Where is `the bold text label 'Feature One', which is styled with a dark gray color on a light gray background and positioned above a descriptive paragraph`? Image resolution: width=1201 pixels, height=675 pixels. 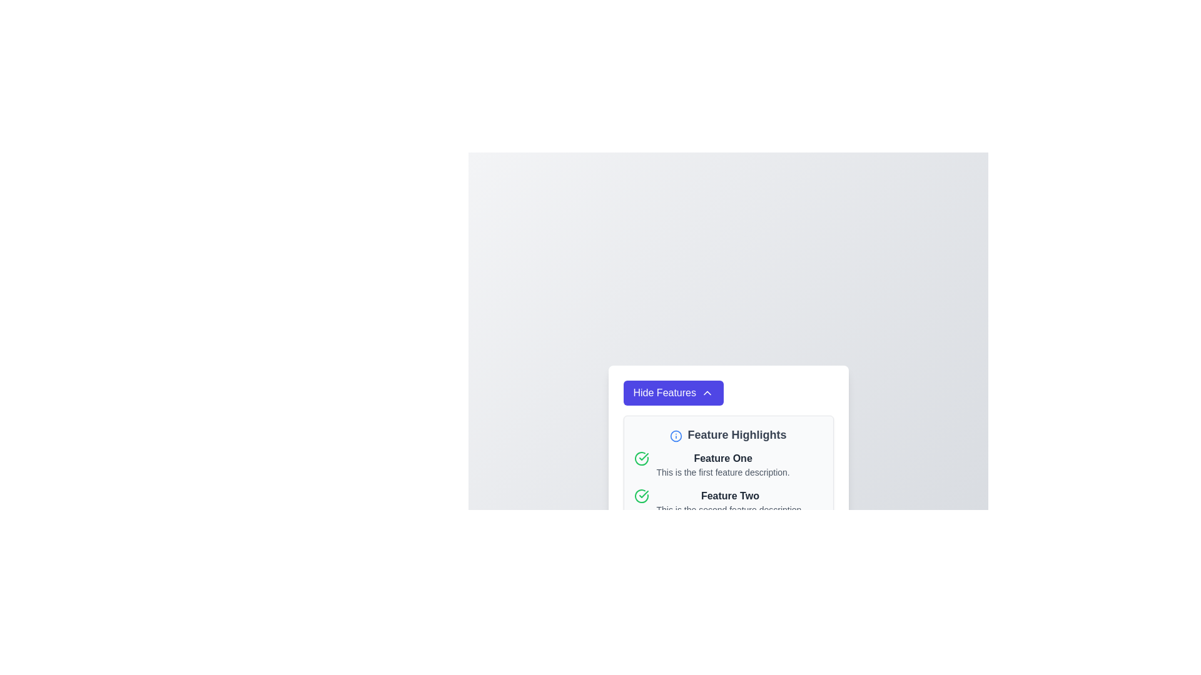
the bold text label 'Feature One', which is styled with a dark gray color on a light gray background and positioned above a descriptive paragraph is located at coordinates (723, 458).